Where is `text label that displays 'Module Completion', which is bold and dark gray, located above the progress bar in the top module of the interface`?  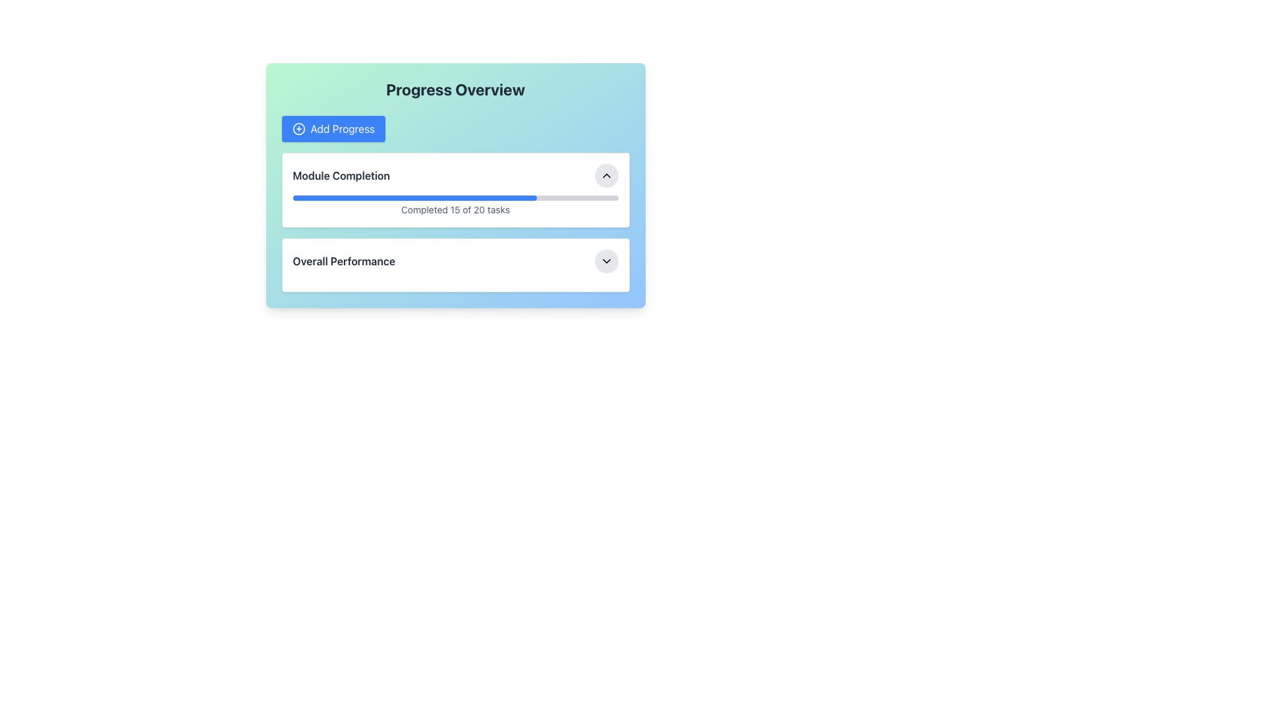
text label that displays 'Module Completion', which is bold and dark gray, located above the progress bar in the top module of the interface is located at coordinates (341, 174).